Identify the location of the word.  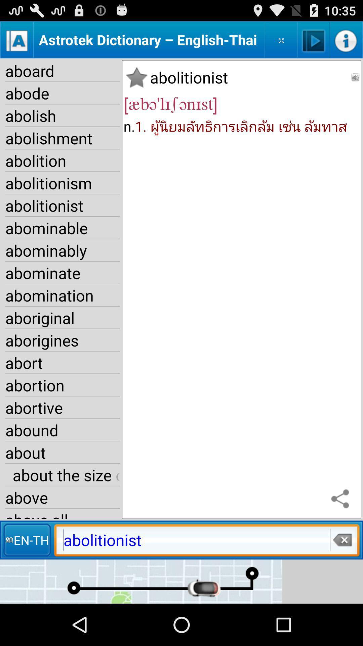
(136, 77).